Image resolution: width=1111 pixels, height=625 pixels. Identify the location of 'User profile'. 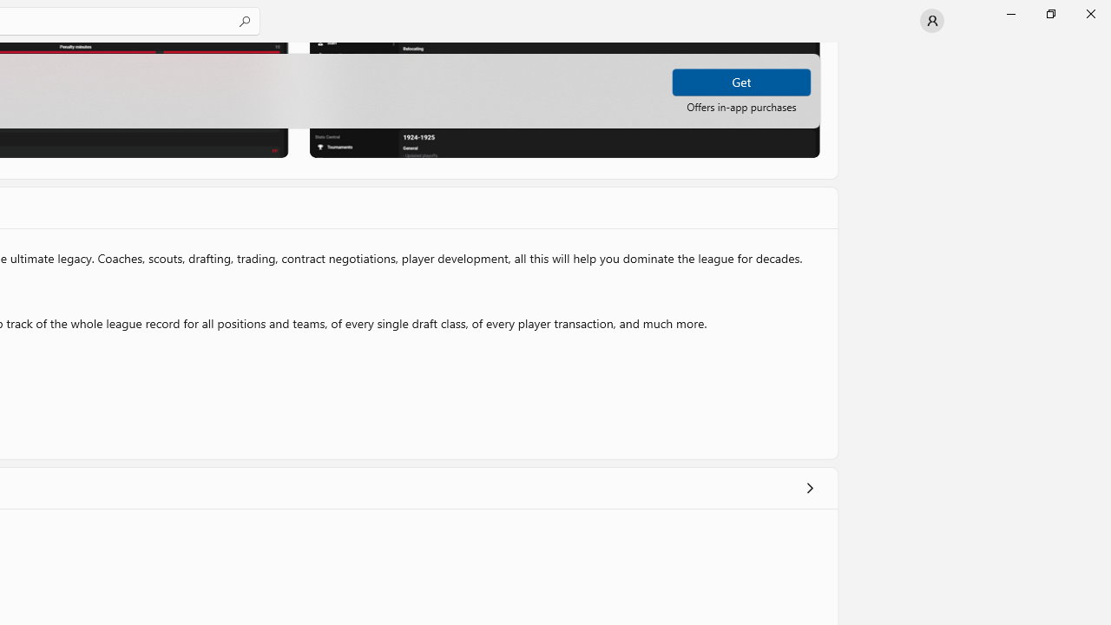
(930, 21).